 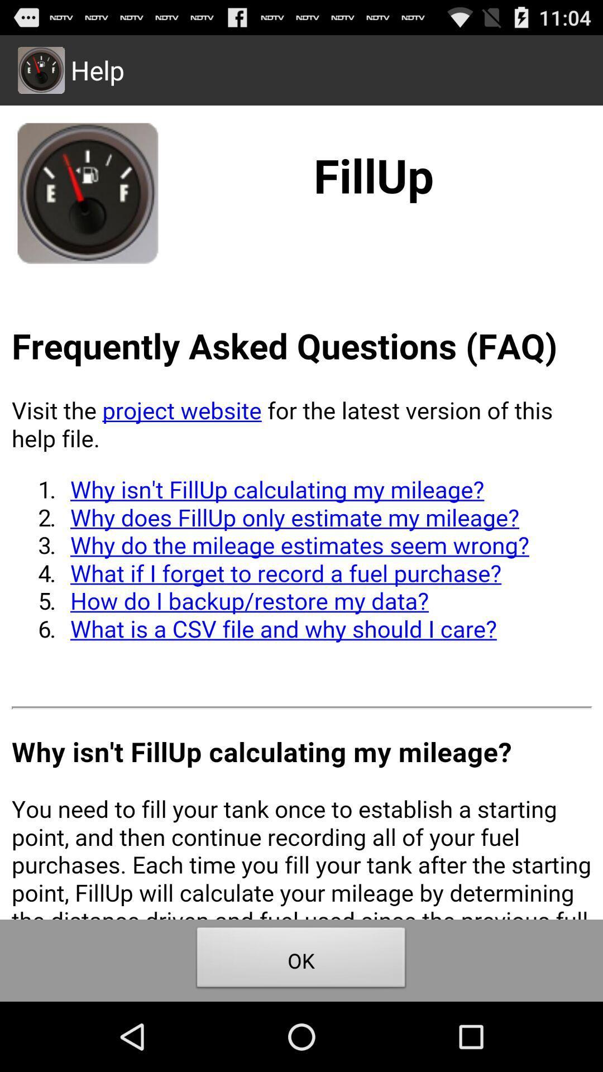 What do you see at coordinates (301, 511) in the screenshot?
I see `page` at bounding box center [301, 511].